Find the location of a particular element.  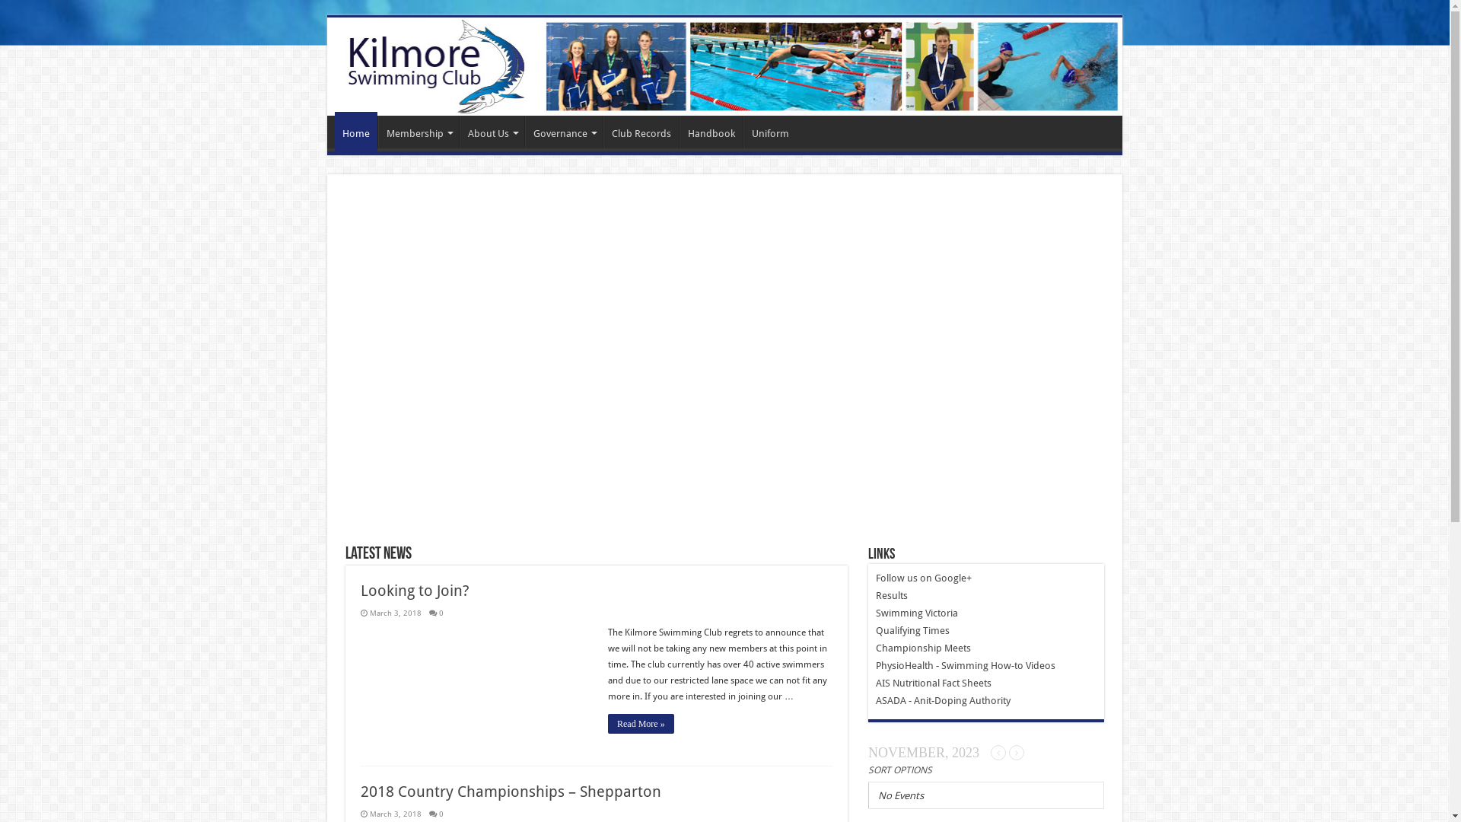

'0' is located at coordinates (441, 812).